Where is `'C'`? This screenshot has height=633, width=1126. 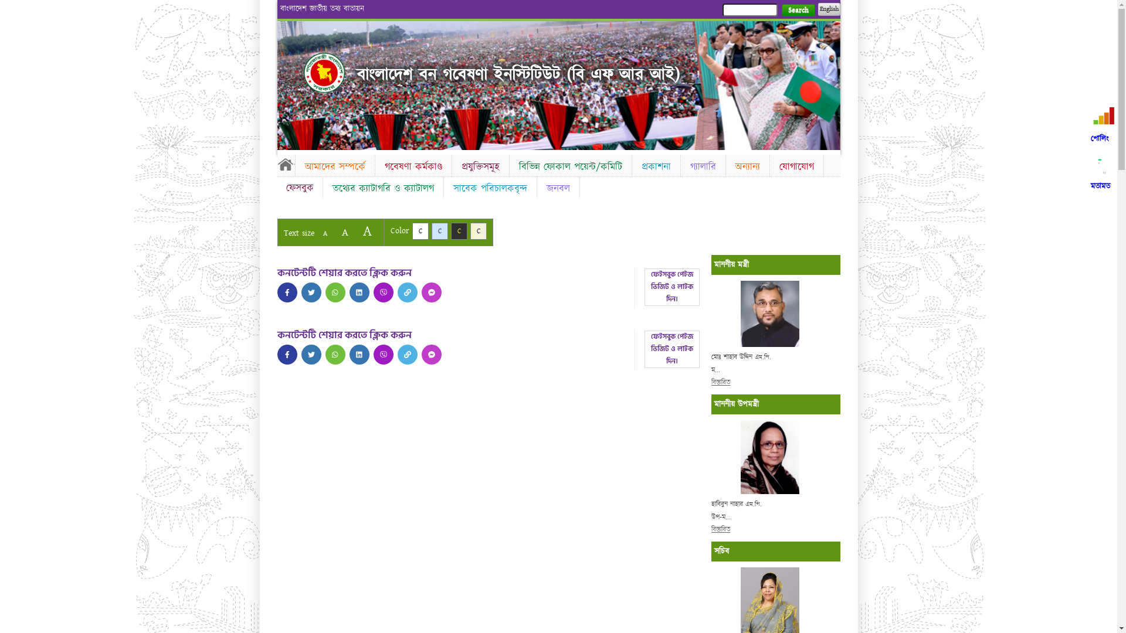
'C' is located at coordinates (439, 231).